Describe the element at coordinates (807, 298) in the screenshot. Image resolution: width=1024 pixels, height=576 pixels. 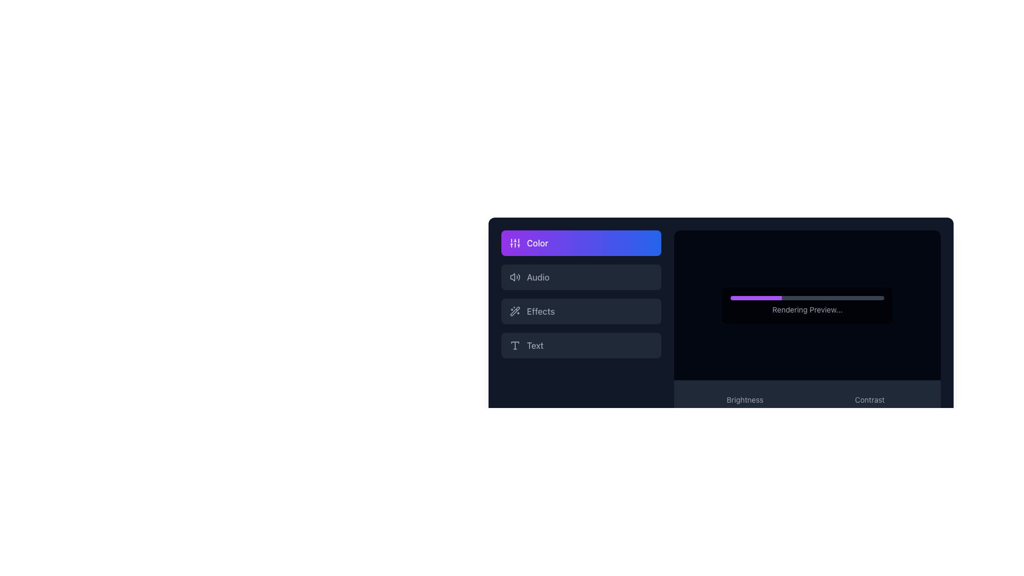
I see `the progress bar located centrally within a black semi-transparent rectangular box on the right side of the interface` at that location.